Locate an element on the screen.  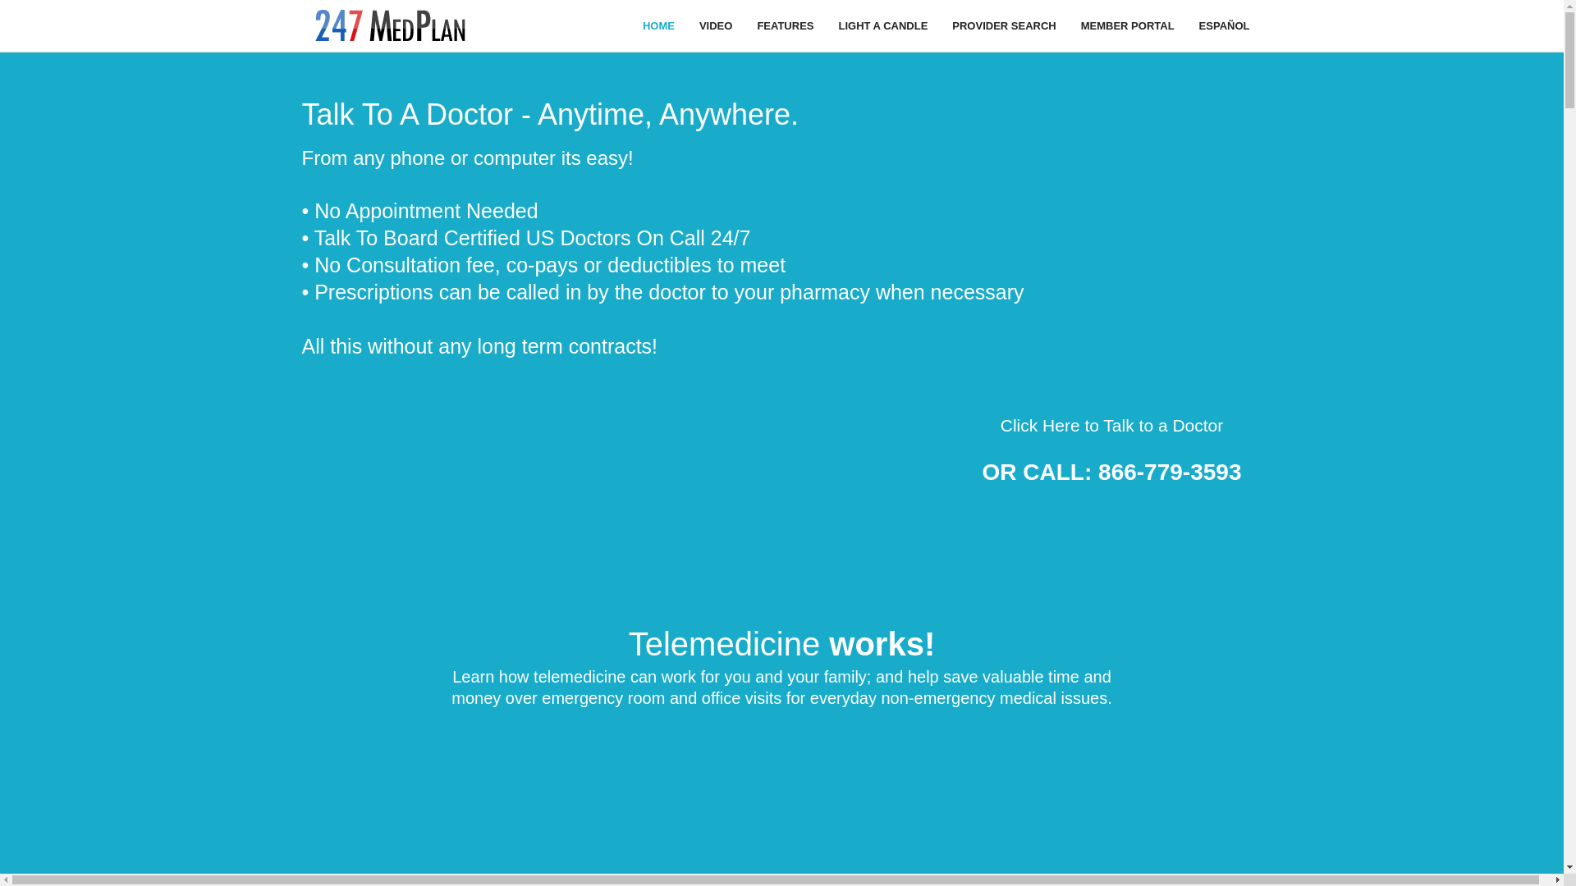
'Click Here to Talk to a Doctor' is located at coordinates (1111, 424).